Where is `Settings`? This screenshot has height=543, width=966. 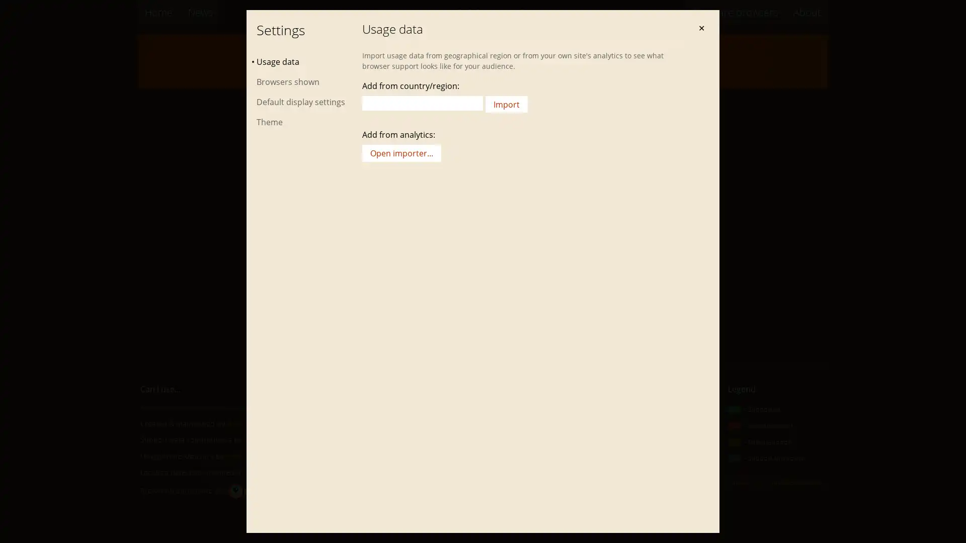
Settings is located at coordinates (676, 64).